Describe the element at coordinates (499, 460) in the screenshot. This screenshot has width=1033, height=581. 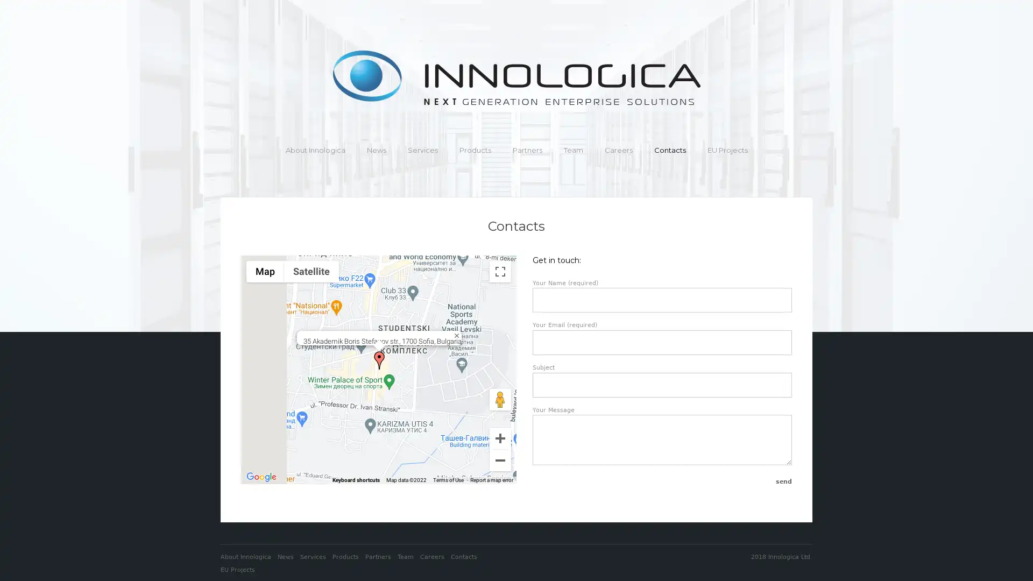
I see `Zoom out` at that location.